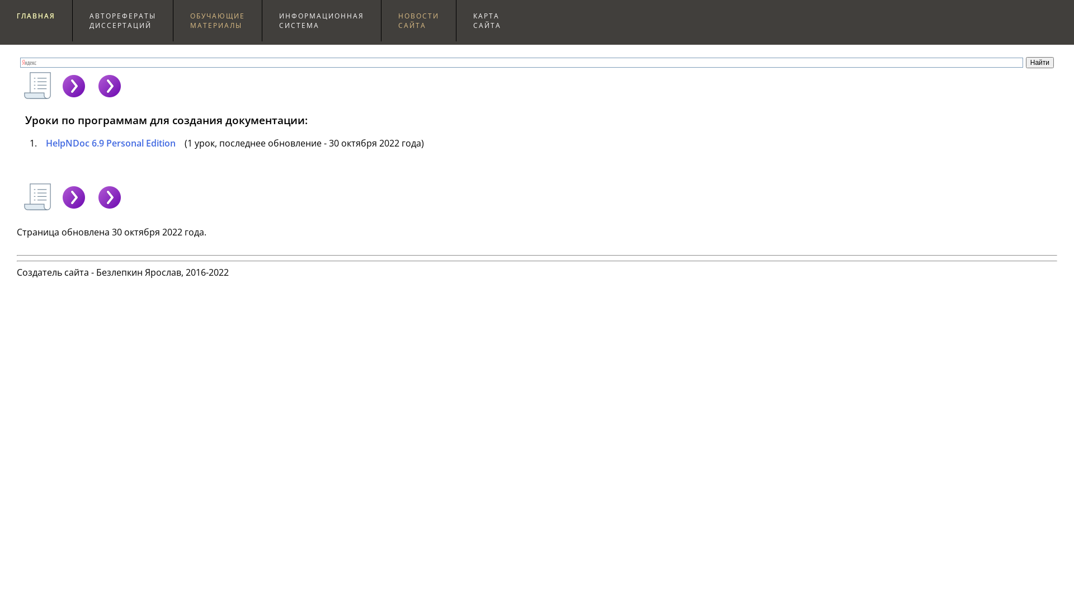 The image size is (1074, 604). I want to click on '   HelpNDoc 6.9 Personal Edition', so click(107, 142).